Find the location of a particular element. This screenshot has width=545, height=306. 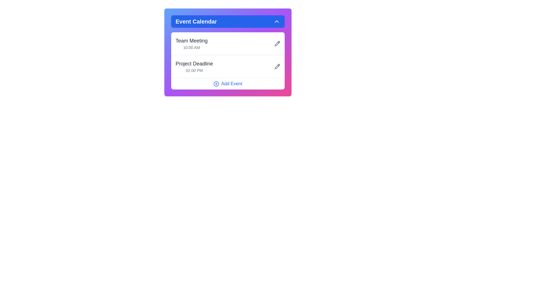

the 'Event Calendar' button to toggle the menu visibility is located at coordinates (228, 21).